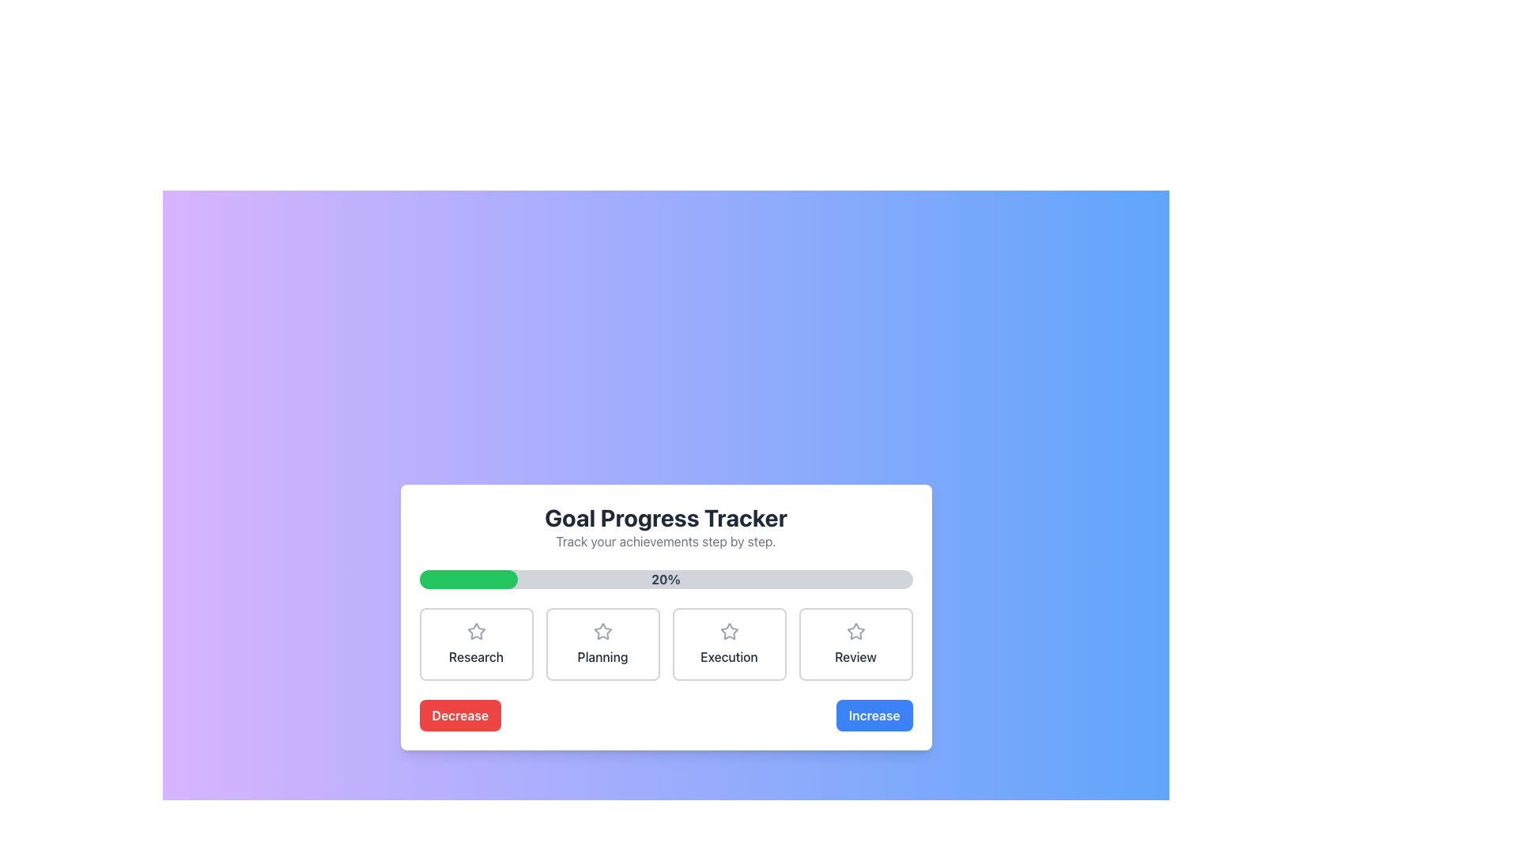 The image size is (1518, 854). Describe the element at coordinates (855, 656) in the screenshot. I see `the text label reading 'Review' which is styled with a medium font weight and dark gray color, located below a star icon in the last card of a row` at that location.